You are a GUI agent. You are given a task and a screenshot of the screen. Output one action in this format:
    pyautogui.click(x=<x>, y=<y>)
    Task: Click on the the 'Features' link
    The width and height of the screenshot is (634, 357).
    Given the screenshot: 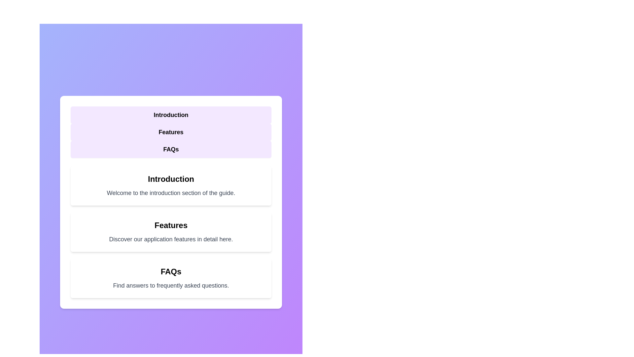 What is the action you would take?
    pyautogui.click(x=171, y=132)
    